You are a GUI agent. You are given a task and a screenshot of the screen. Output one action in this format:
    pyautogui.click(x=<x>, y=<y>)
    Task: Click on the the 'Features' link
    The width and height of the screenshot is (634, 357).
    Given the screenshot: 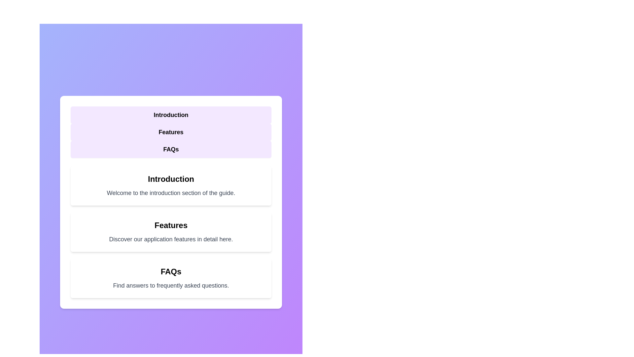 What is the action you would take?
    pyautogui.click(x=171, y=132)
    